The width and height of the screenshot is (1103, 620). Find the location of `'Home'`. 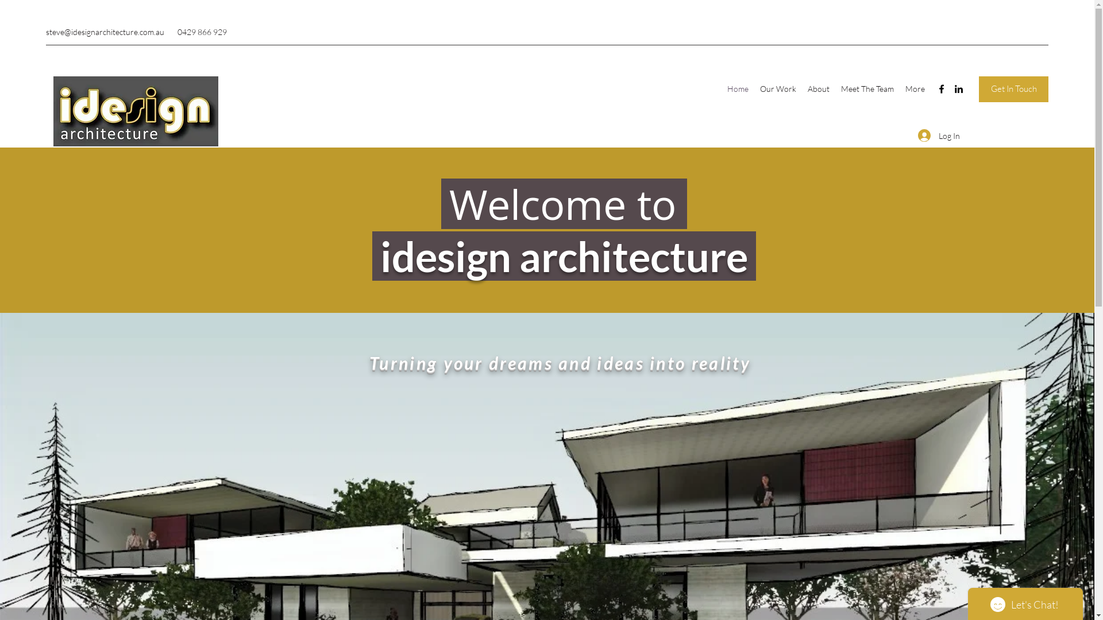

'Home' is located at coordinates (738, 88).